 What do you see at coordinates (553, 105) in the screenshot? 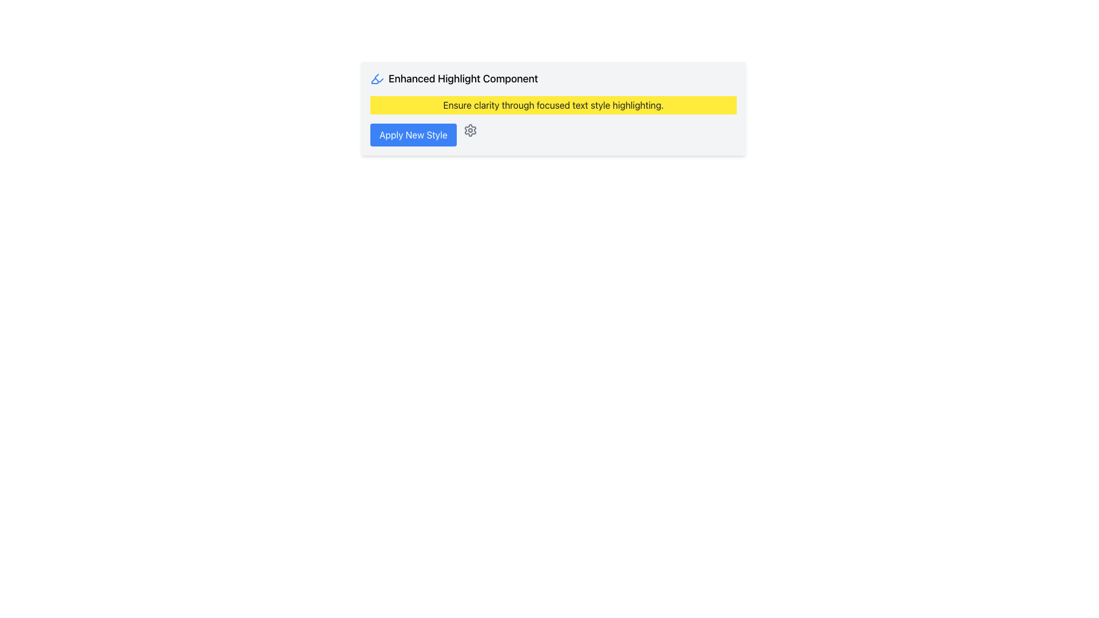
I see `the text block containing 'Ensure clarity through focused text style highlighting.' with a yellow background` at bounding box center [553, 105].